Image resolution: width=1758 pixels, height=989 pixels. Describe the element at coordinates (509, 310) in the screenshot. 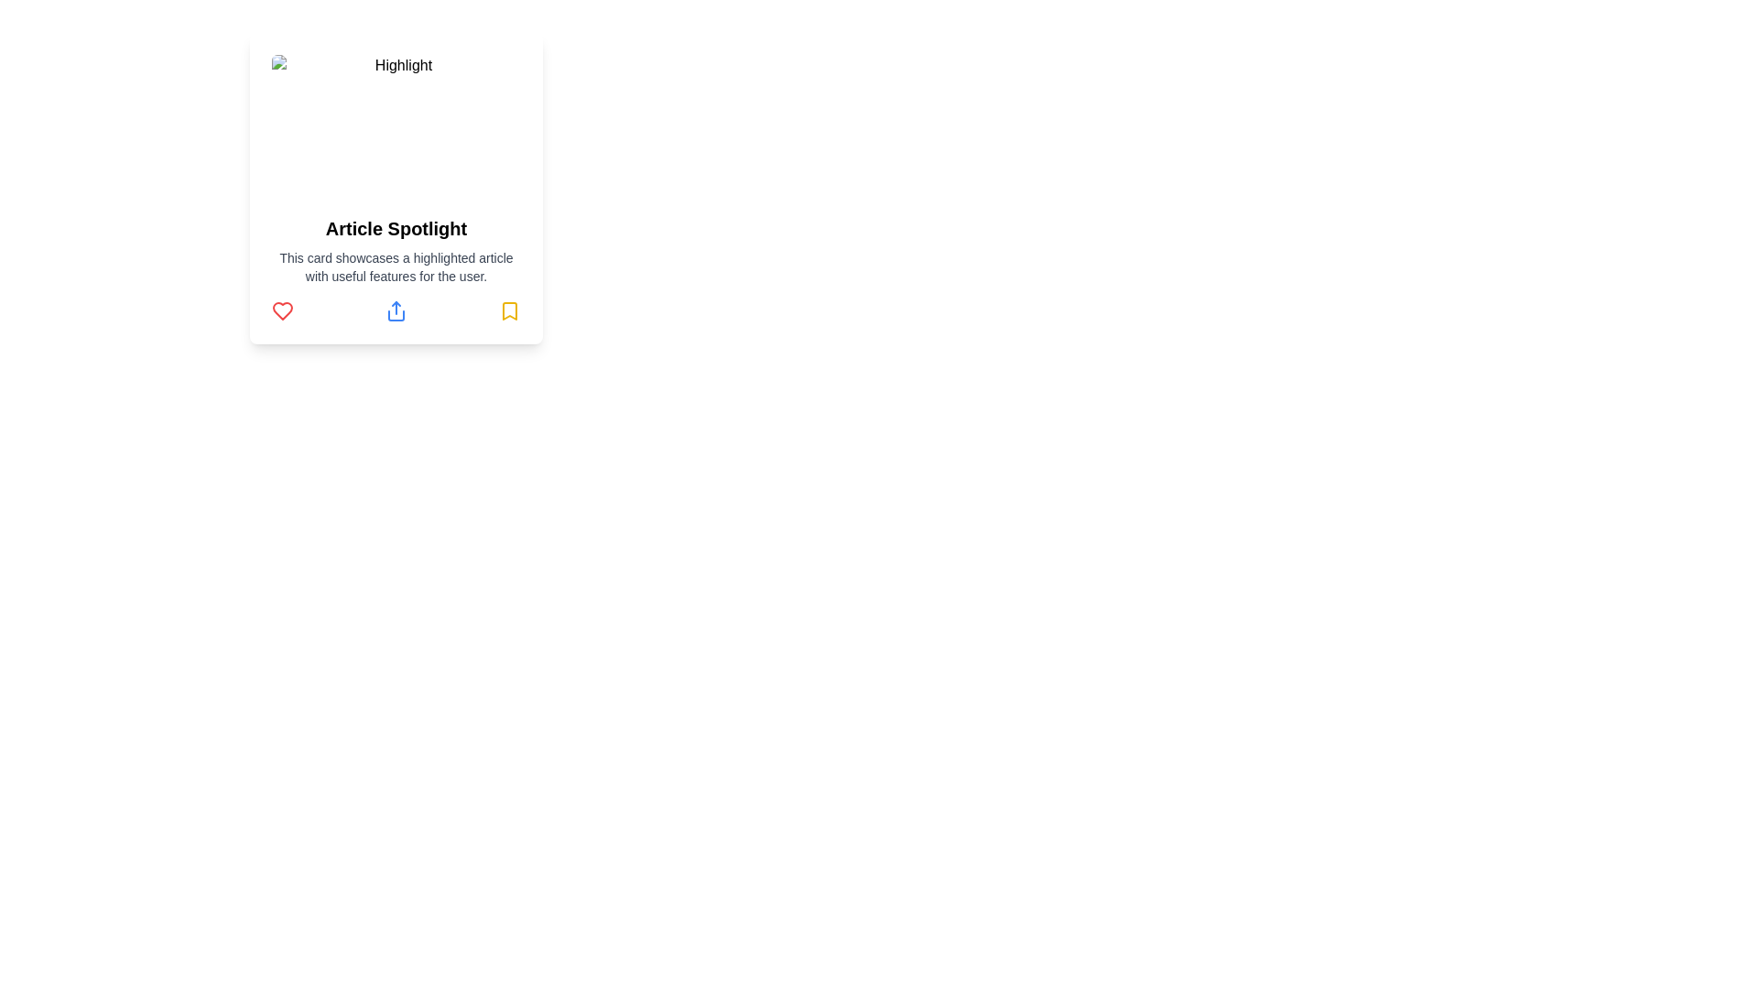

I see `the bookmark icon located at the bottom-right corner of the card interface` at that location.